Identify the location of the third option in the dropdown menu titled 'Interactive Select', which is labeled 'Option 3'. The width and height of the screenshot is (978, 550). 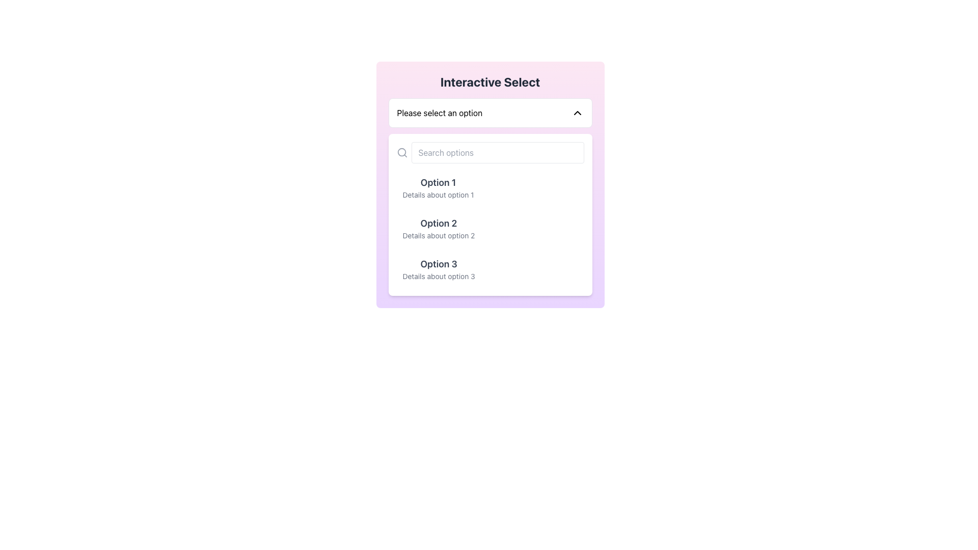
(439, 268).